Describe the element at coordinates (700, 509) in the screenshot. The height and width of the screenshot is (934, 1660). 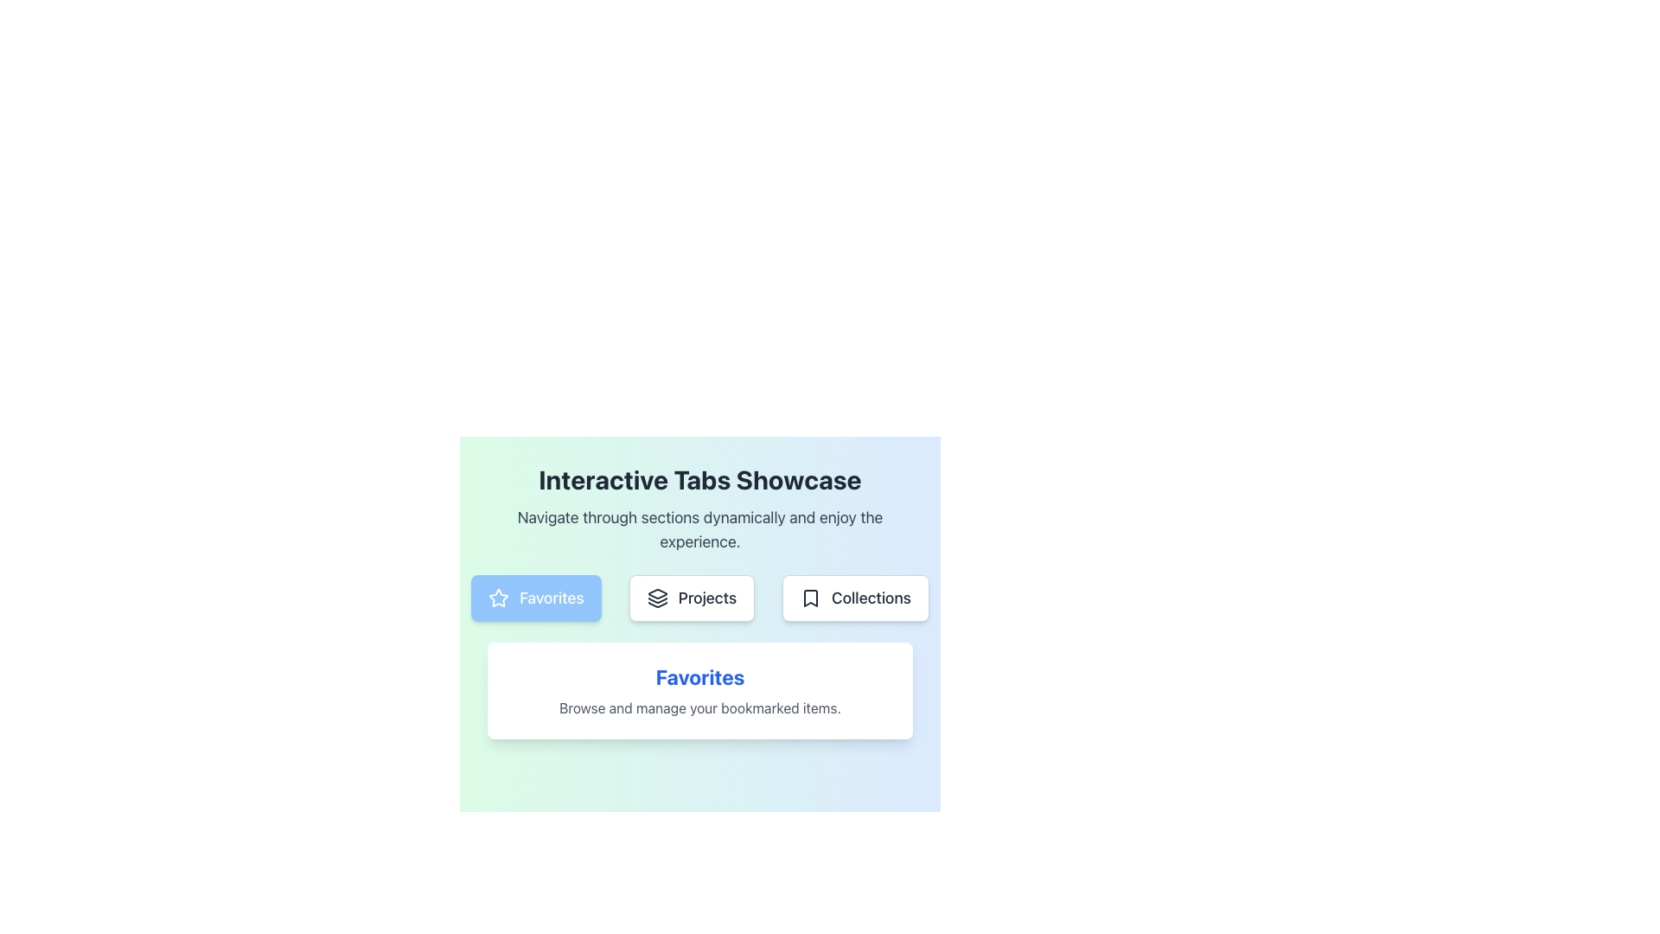
I see `the Informational Text Block titled 'Interactive Tabs Showcase' that contains the description 'Navigate through sections dynamically and enjoy the experience.'` at that location.